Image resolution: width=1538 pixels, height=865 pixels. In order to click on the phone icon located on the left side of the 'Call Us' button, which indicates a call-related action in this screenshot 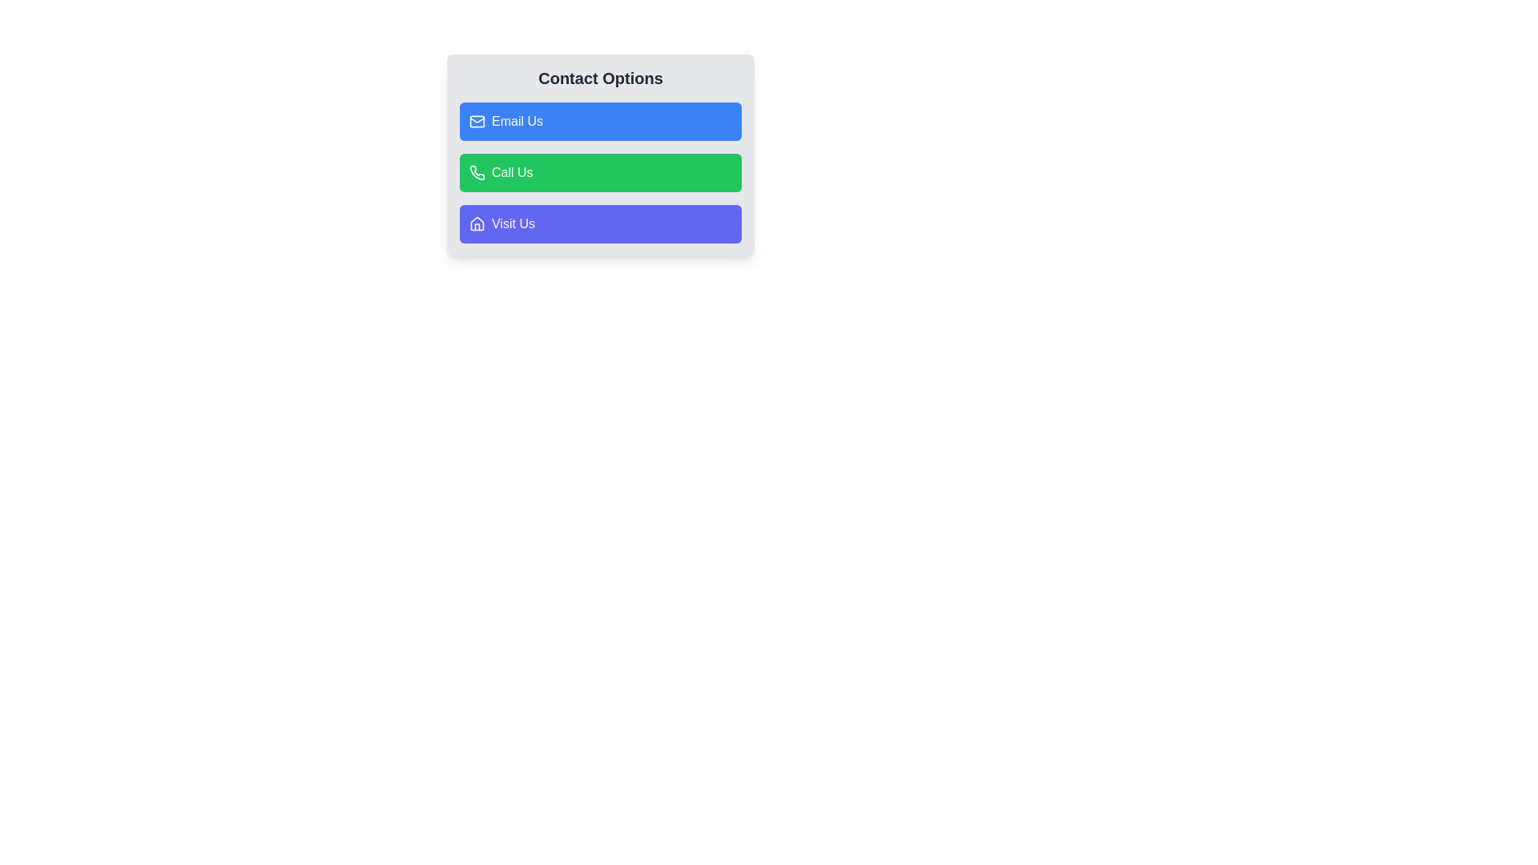, I will do `click(476, 173)`.